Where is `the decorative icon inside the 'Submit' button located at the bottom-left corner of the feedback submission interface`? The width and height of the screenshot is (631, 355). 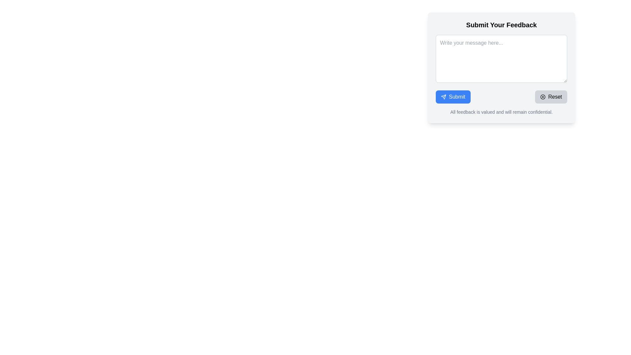
the decorative icon inside the 'Submit' button located at the bottom-left corner of the feedback submission interface is located at coordinates (443, 97).